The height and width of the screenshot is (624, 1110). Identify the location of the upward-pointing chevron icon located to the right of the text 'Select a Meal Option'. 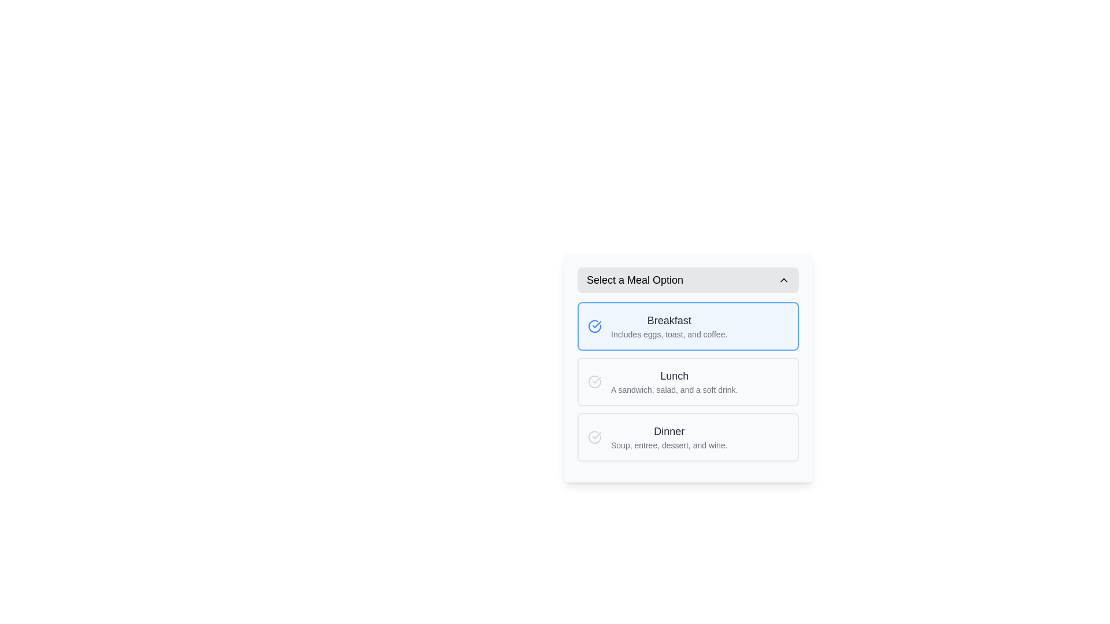
(784, 280).